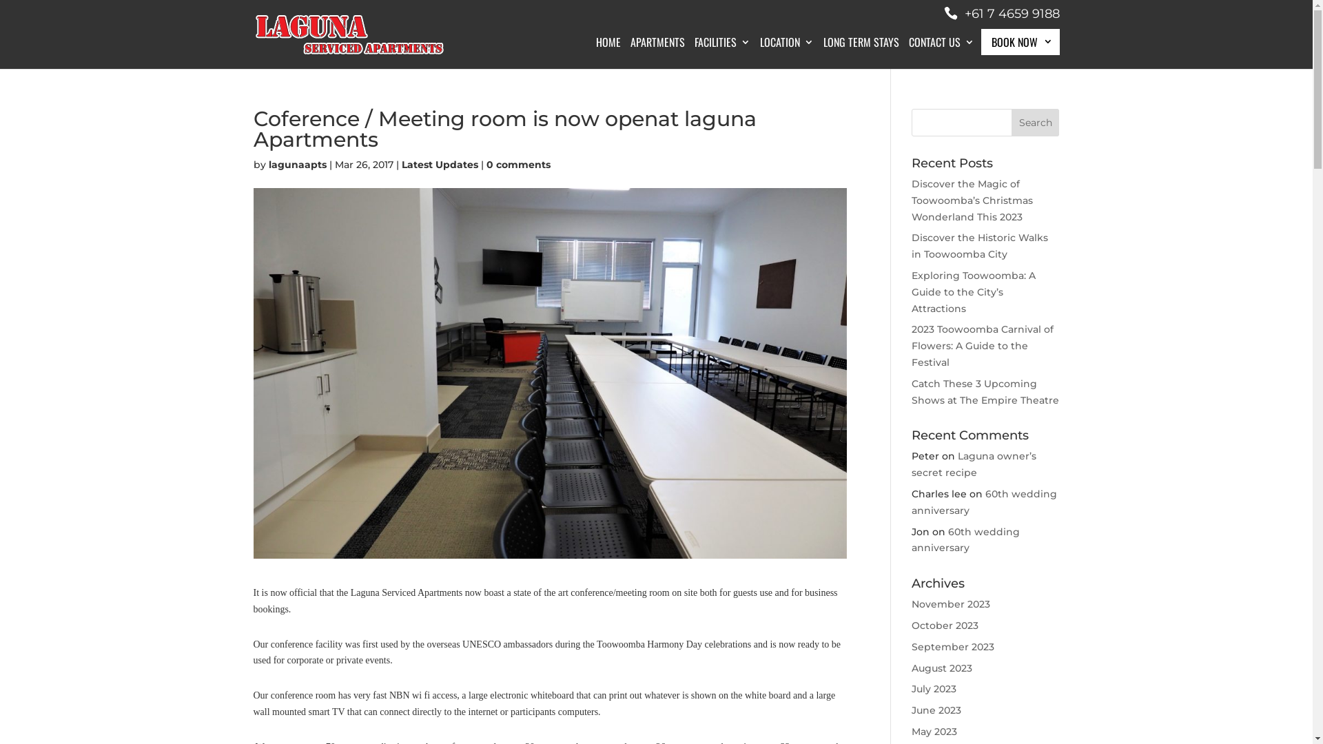 The height and width of the screenshot is (744, 1323). I want to click on 'Discover the Historic Walks in Toowoomba City', so click(978, 245).